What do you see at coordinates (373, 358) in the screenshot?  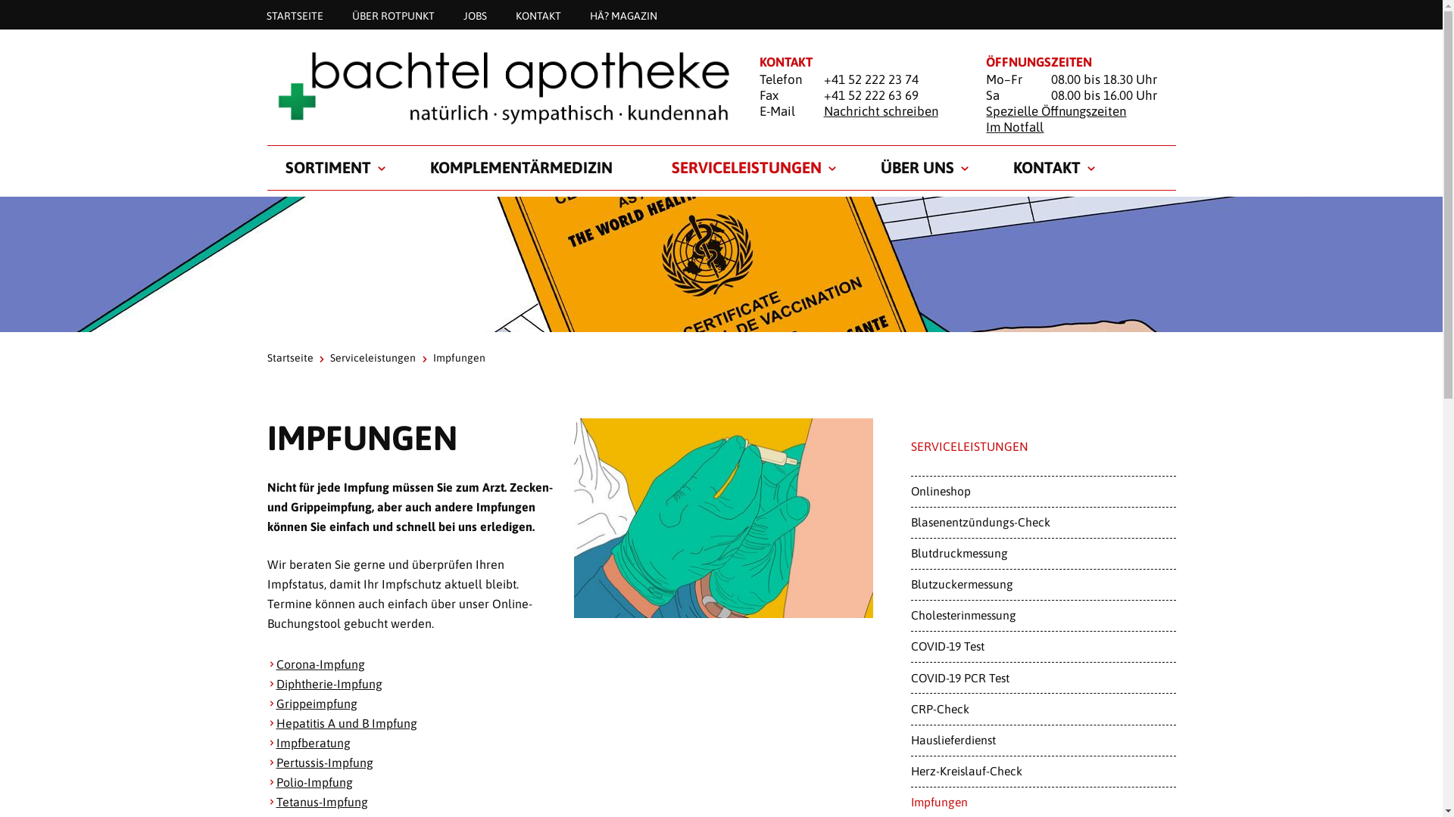 I see `'Serviceleistungen'` at bounding box center [373, 358].